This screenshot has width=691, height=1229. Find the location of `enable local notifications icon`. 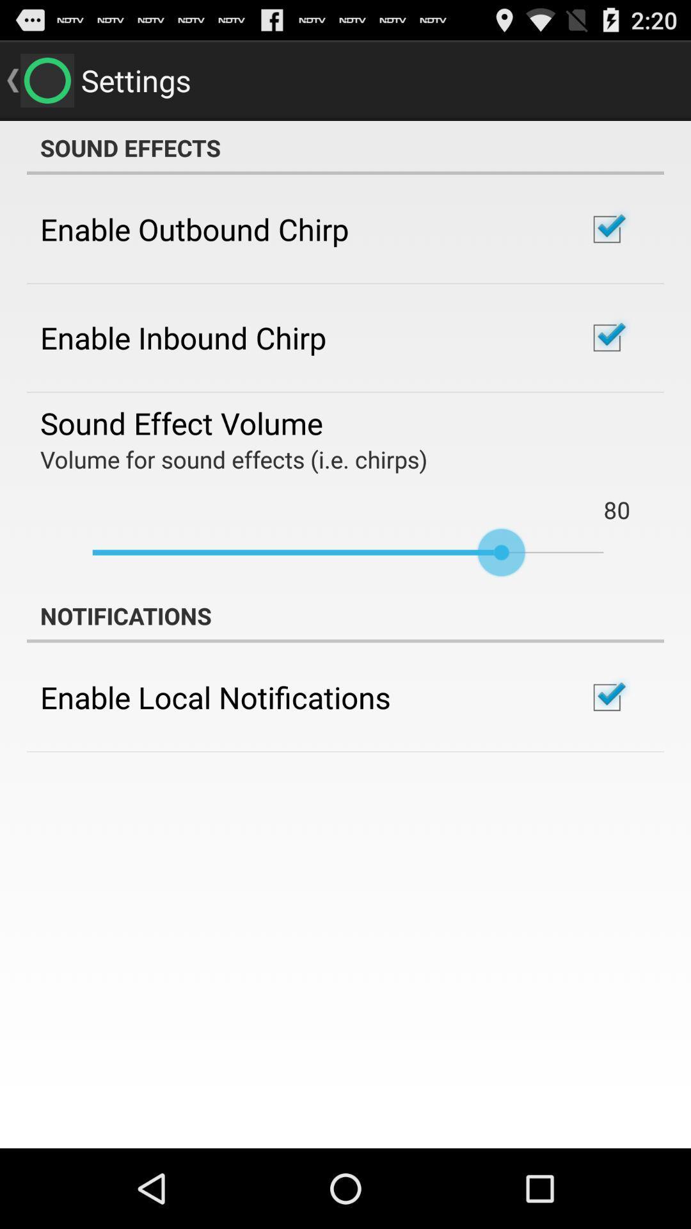

enable local notifications icon is located at coordinates (214, 696).